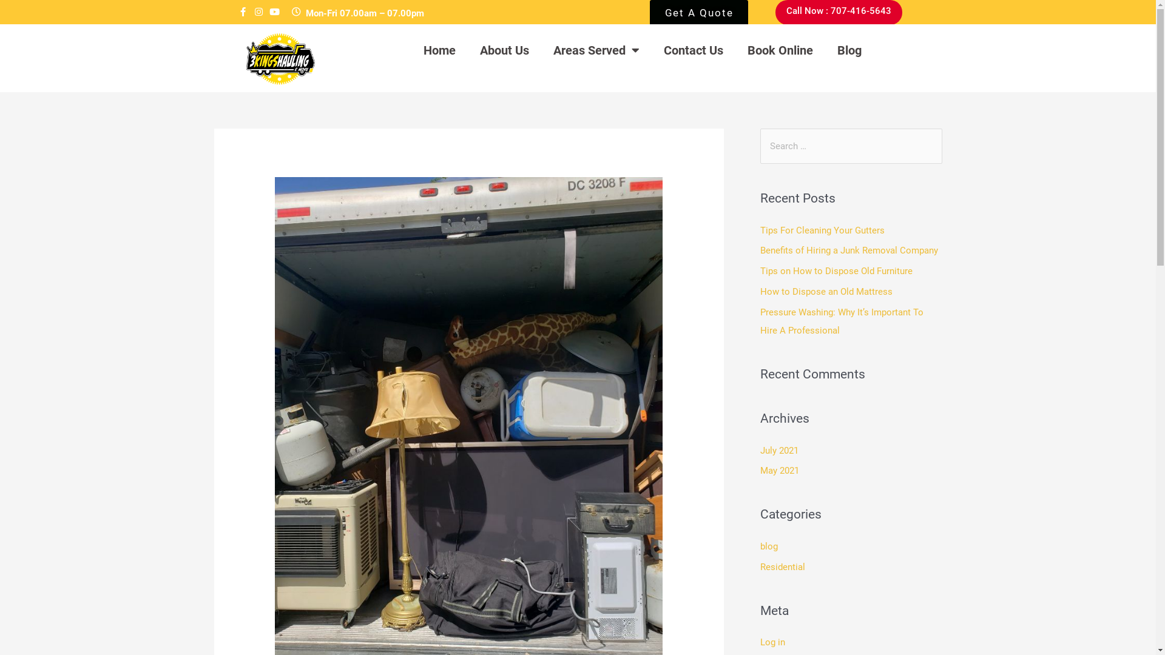 The height and width of the screenshot is (655, 1165). What do you see at coordinates (467, 50) in the screenshot?
I see `'About Us'` at bounding box center [467, 50].